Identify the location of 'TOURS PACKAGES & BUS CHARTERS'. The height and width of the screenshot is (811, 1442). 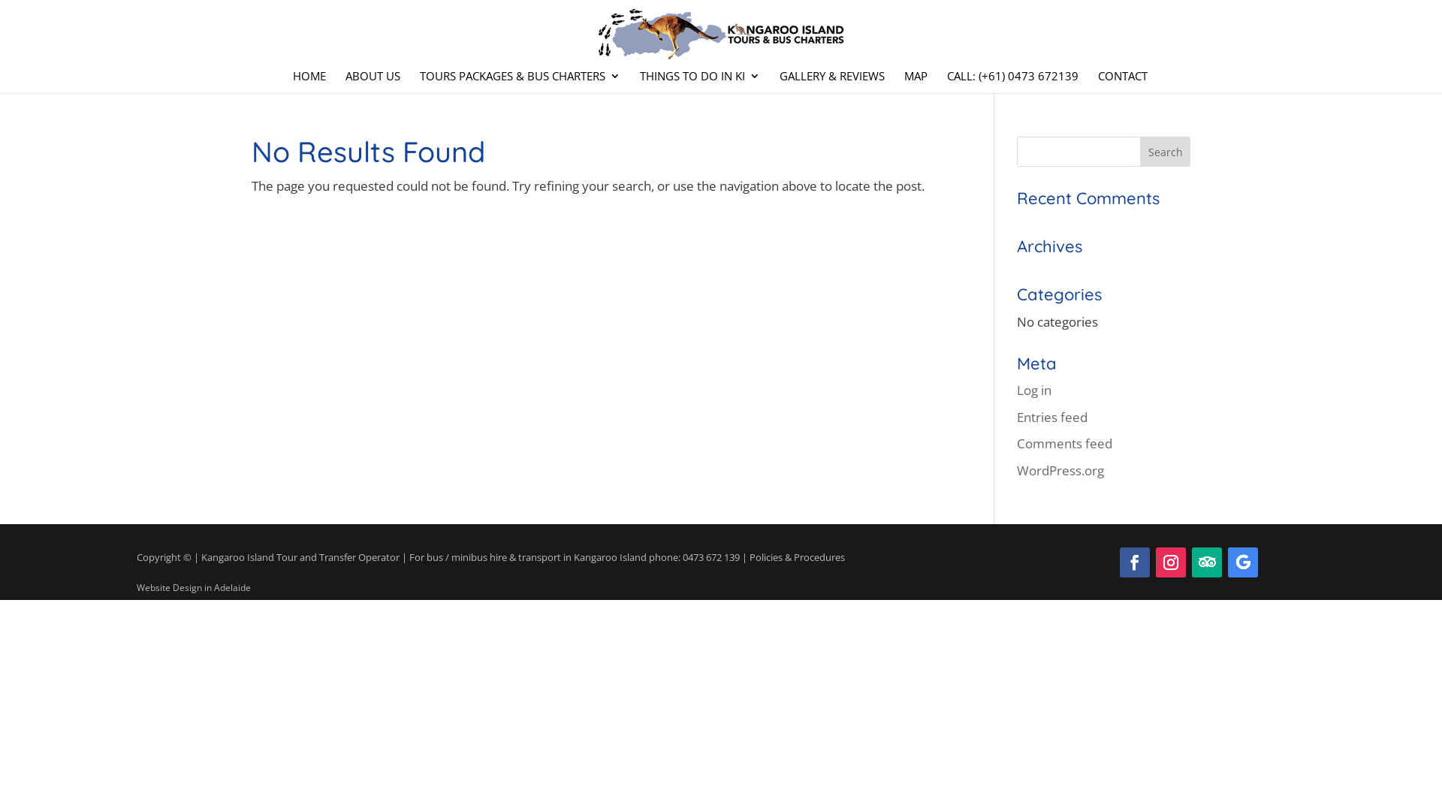
(520, 81).